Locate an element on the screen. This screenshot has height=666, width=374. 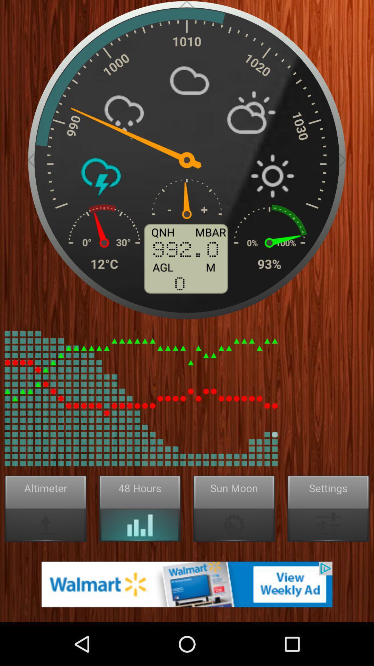
advertisement is located at coordinates (187, 584).